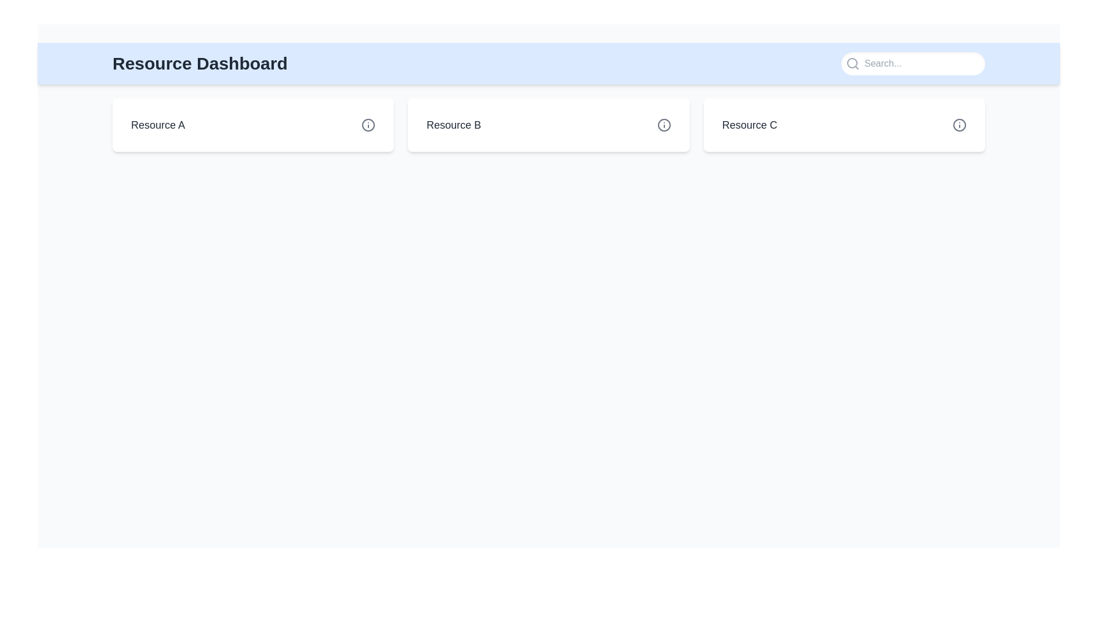 Image resolution: width=1114 pixels, height=626 pixels. What do you see at coordinates (852, 64) in the screenshot?
I see `the gray magnifying glass icon with a circular frame and handle, located at the left side of the rounded search bar near the upper right corner of the interface` at bounding box center [852, 64].